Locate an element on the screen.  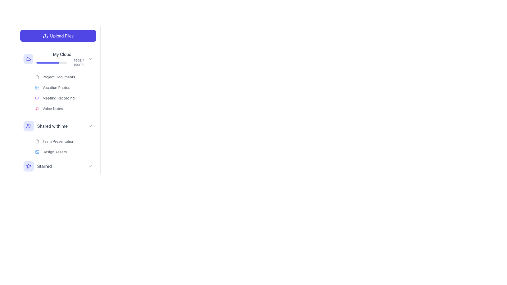
the 'Vacation Photos' folder entry in the 'My Cloud' section is located at coordinates (64, 87).